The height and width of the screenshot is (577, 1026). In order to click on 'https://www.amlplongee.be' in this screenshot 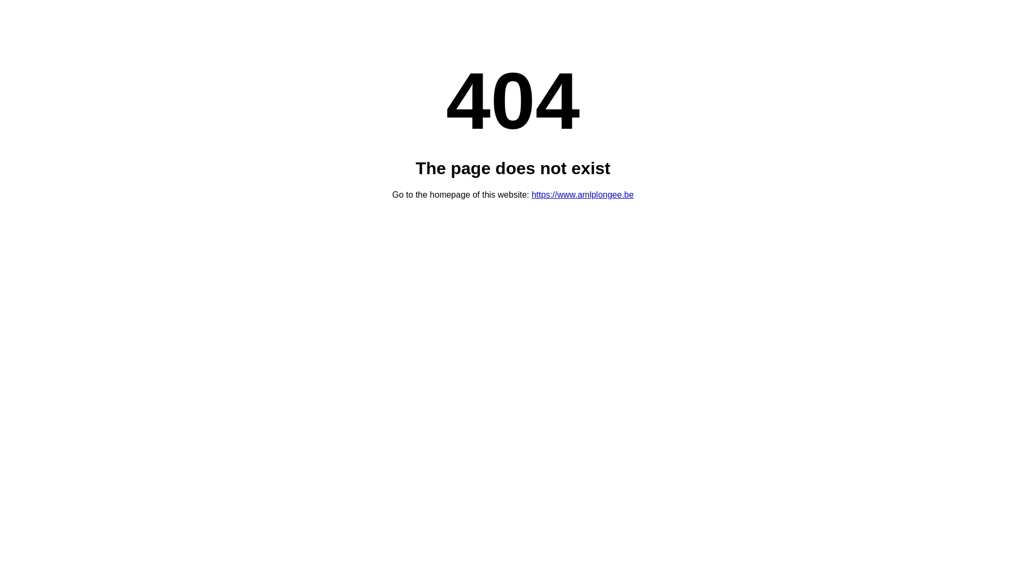, I will do `click(582, 194)`.